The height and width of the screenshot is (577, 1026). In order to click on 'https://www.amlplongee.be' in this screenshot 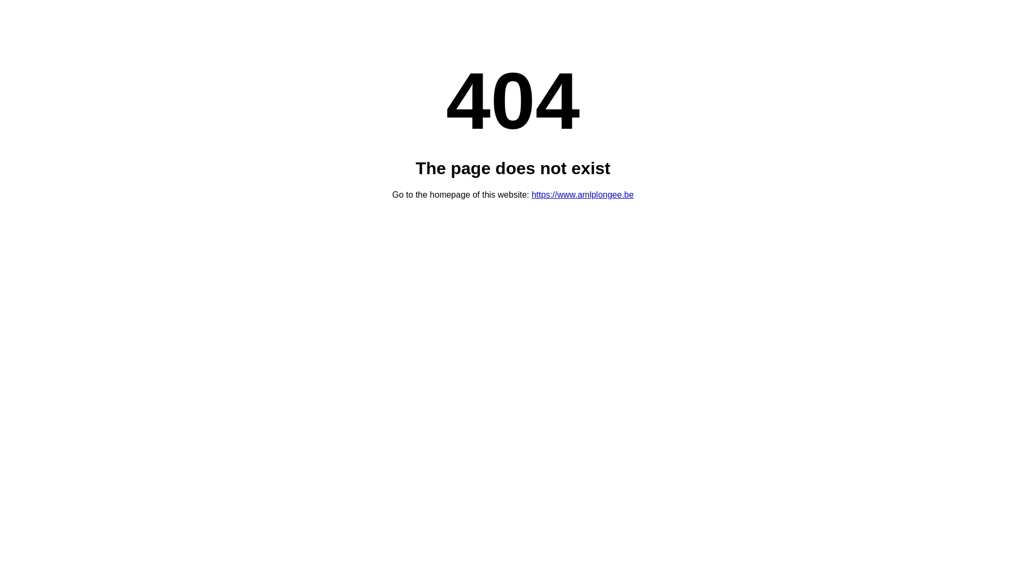, I will do `click(582, 194)`.